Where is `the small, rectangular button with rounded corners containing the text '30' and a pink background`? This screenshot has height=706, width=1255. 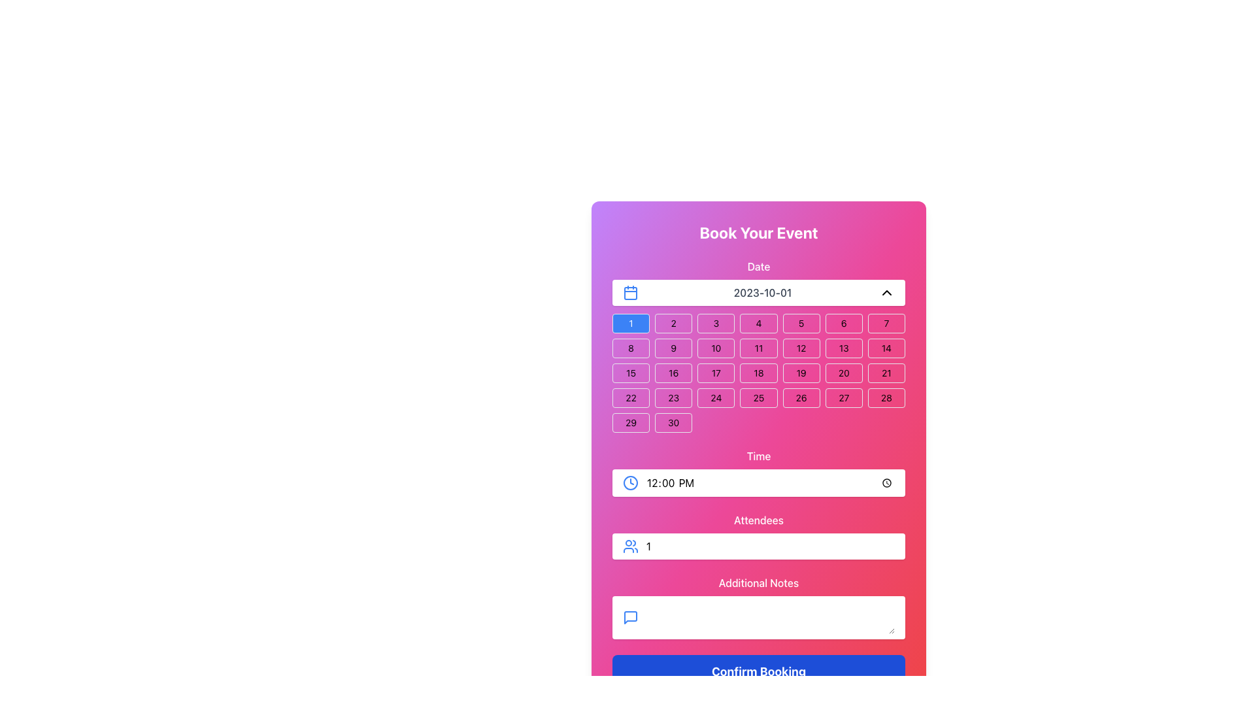
the small, rectangular button with rounded corners containing the text '30' and a pink background is located at coordinates (673, 423).